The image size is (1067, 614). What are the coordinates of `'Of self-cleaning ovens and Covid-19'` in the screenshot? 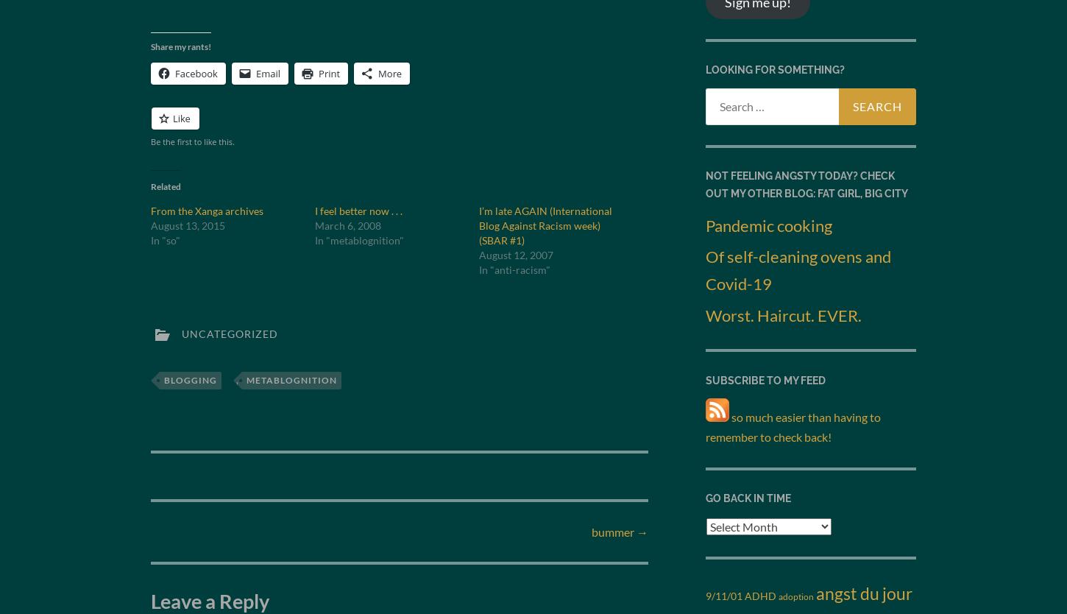 It's located at (705, 269).